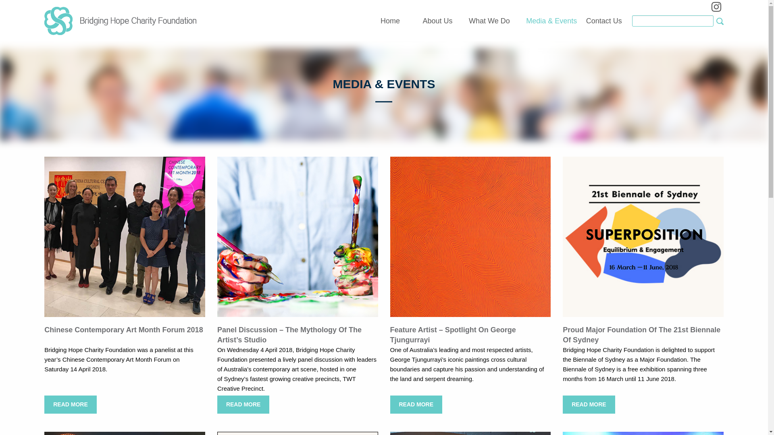 The height and width of the screenshot is (435, 774). What do you see at coordinates (673, 21) in the screenshot?
I see `'Search for:'` at bounding box center [673, 21].